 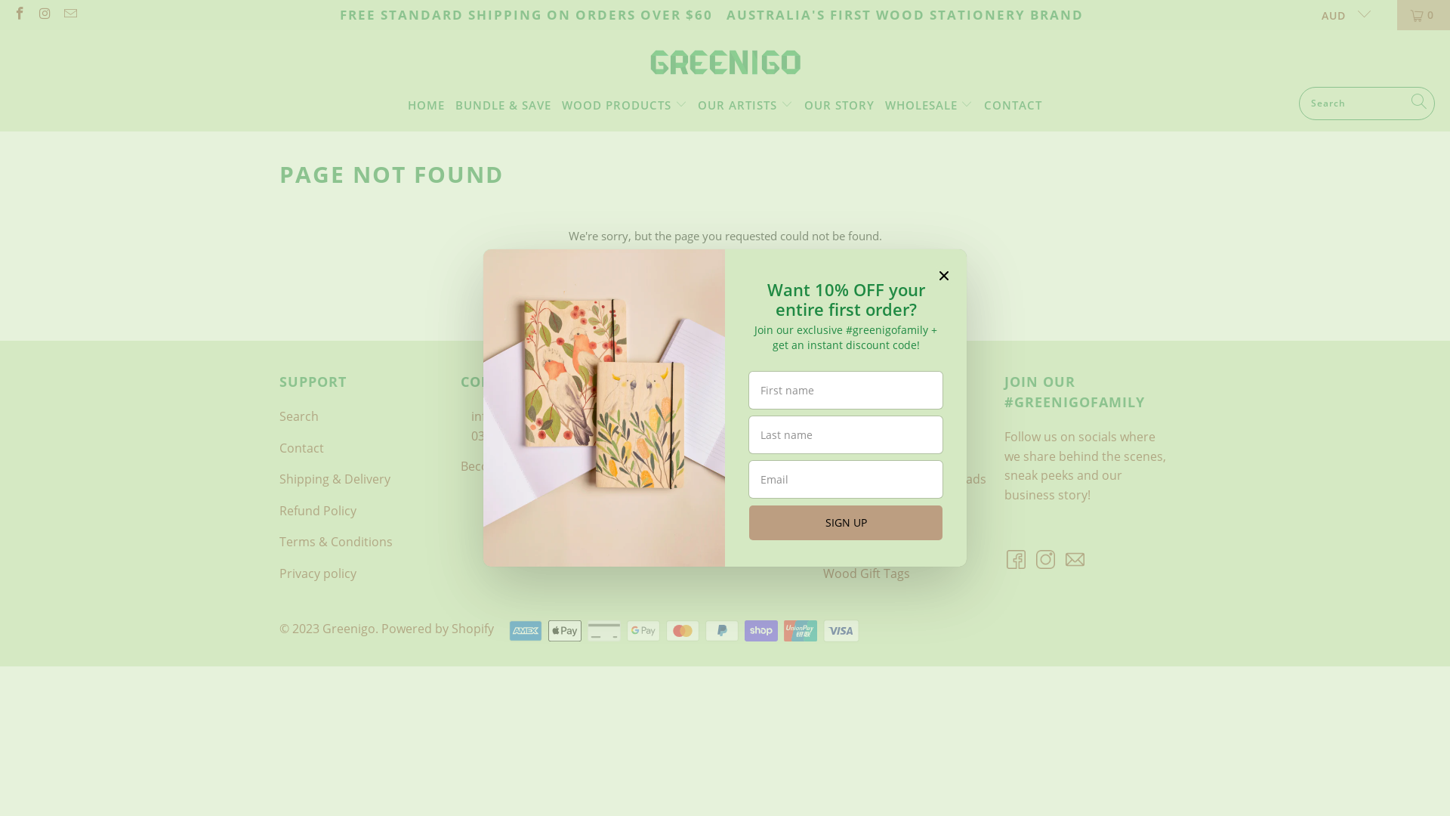 I want to click on 'OUR STORY', so click(x=838, y=104).